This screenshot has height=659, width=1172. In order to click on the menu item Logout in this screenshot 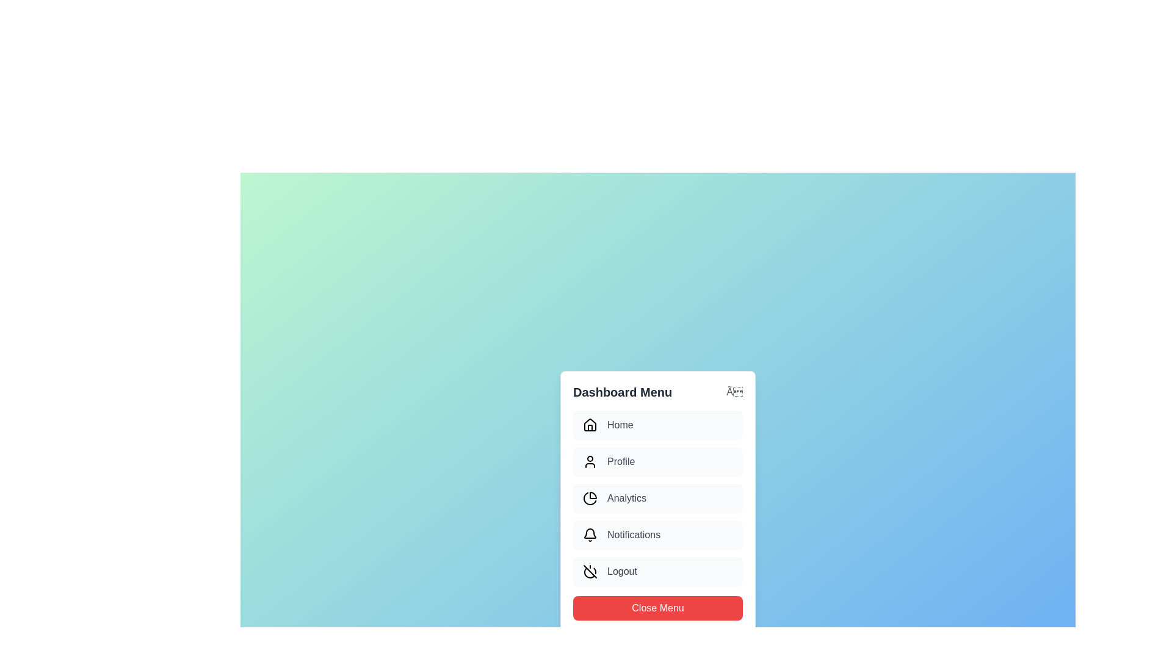, I will do `click(657, 572)`.